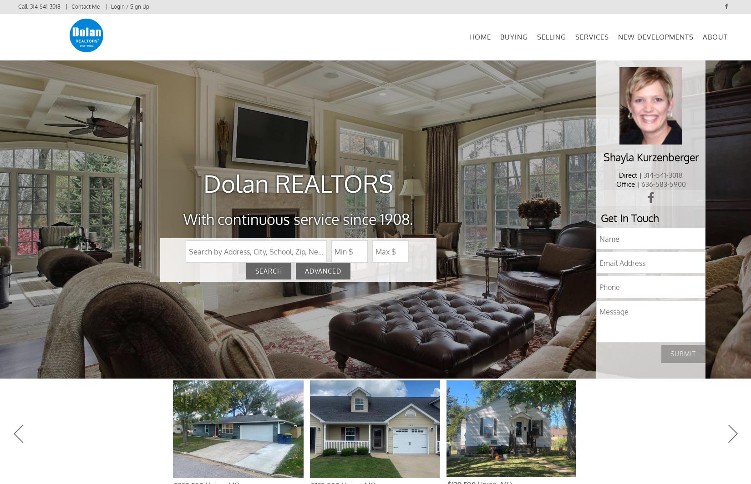 The height and width of the screenshot is (484, 751). What do you see at coordinates (126, 48) in the screenshot?
I see `'Sign Up'` at bounding box center [126, 48].